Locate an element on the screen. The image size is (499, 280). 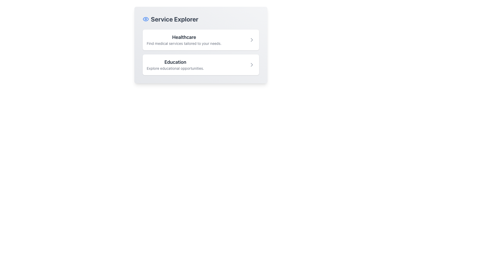
text in the Text Block that prominently displays 'Education' and 'Explore educational opportunities.' located in the second card below the 'Healthcare' card is located at coordinates (175, 65).